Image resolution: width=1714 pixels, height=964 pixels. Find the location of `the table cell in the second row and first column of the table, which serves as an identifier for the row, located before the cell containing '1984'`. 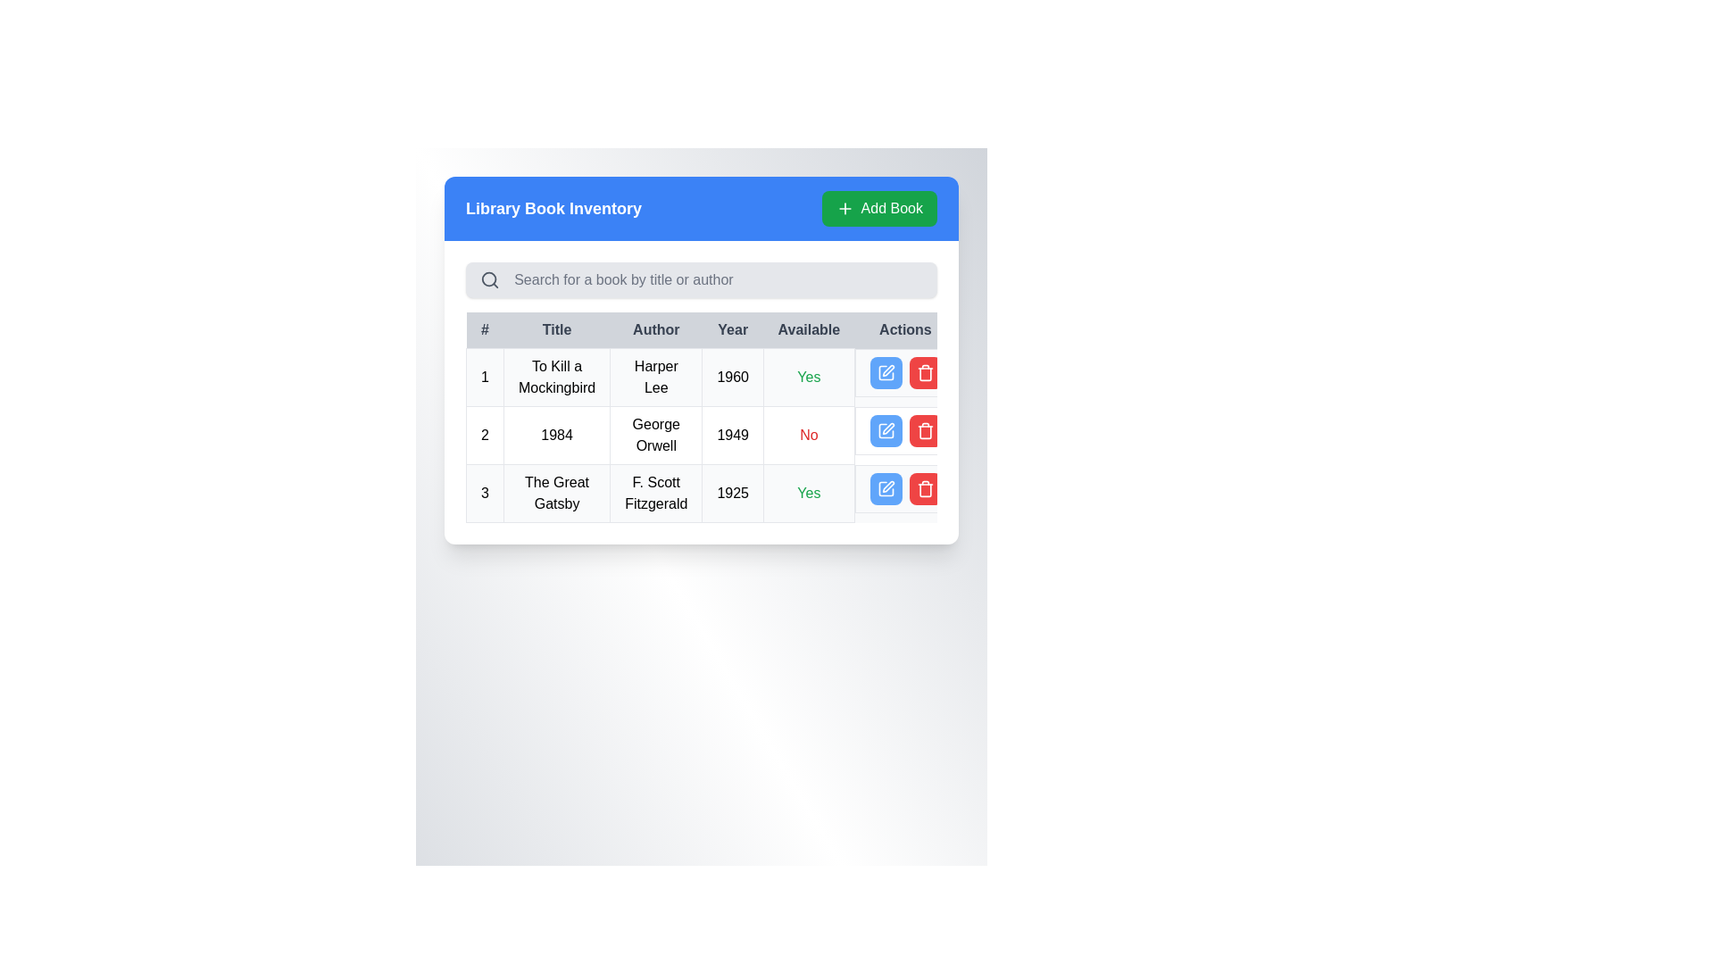

the table cell in the second row and first column of the table, which serves as an identifier for the row, located before the cell containing '1984' is located at coordinates (485, 436).